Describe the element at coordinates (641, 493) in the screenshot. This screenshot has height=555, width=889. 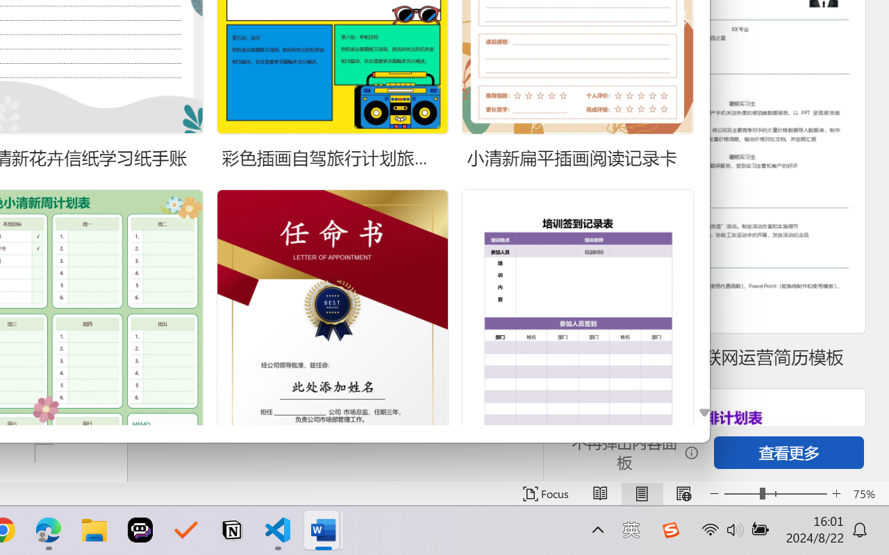
I see `'Print Layout'` at that location.